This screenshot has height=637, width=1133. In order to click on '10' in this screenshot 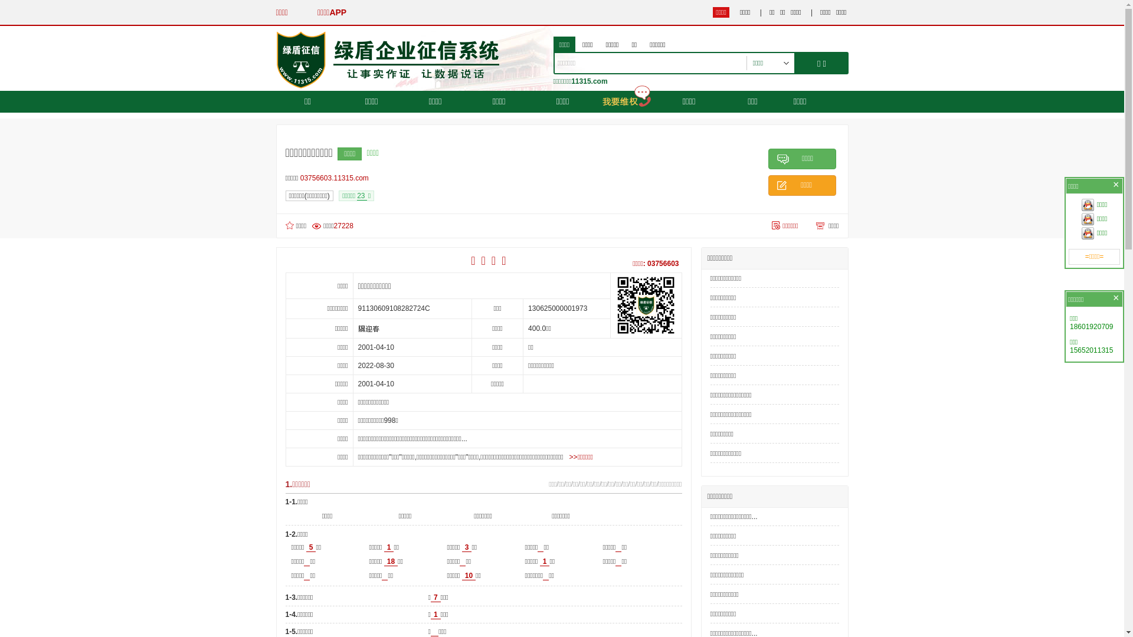, I will do `click(468, 575)`.